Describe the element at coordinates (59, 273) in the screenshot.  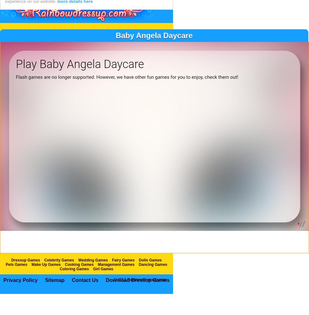
I see `'Celebrity Games'` at that location.